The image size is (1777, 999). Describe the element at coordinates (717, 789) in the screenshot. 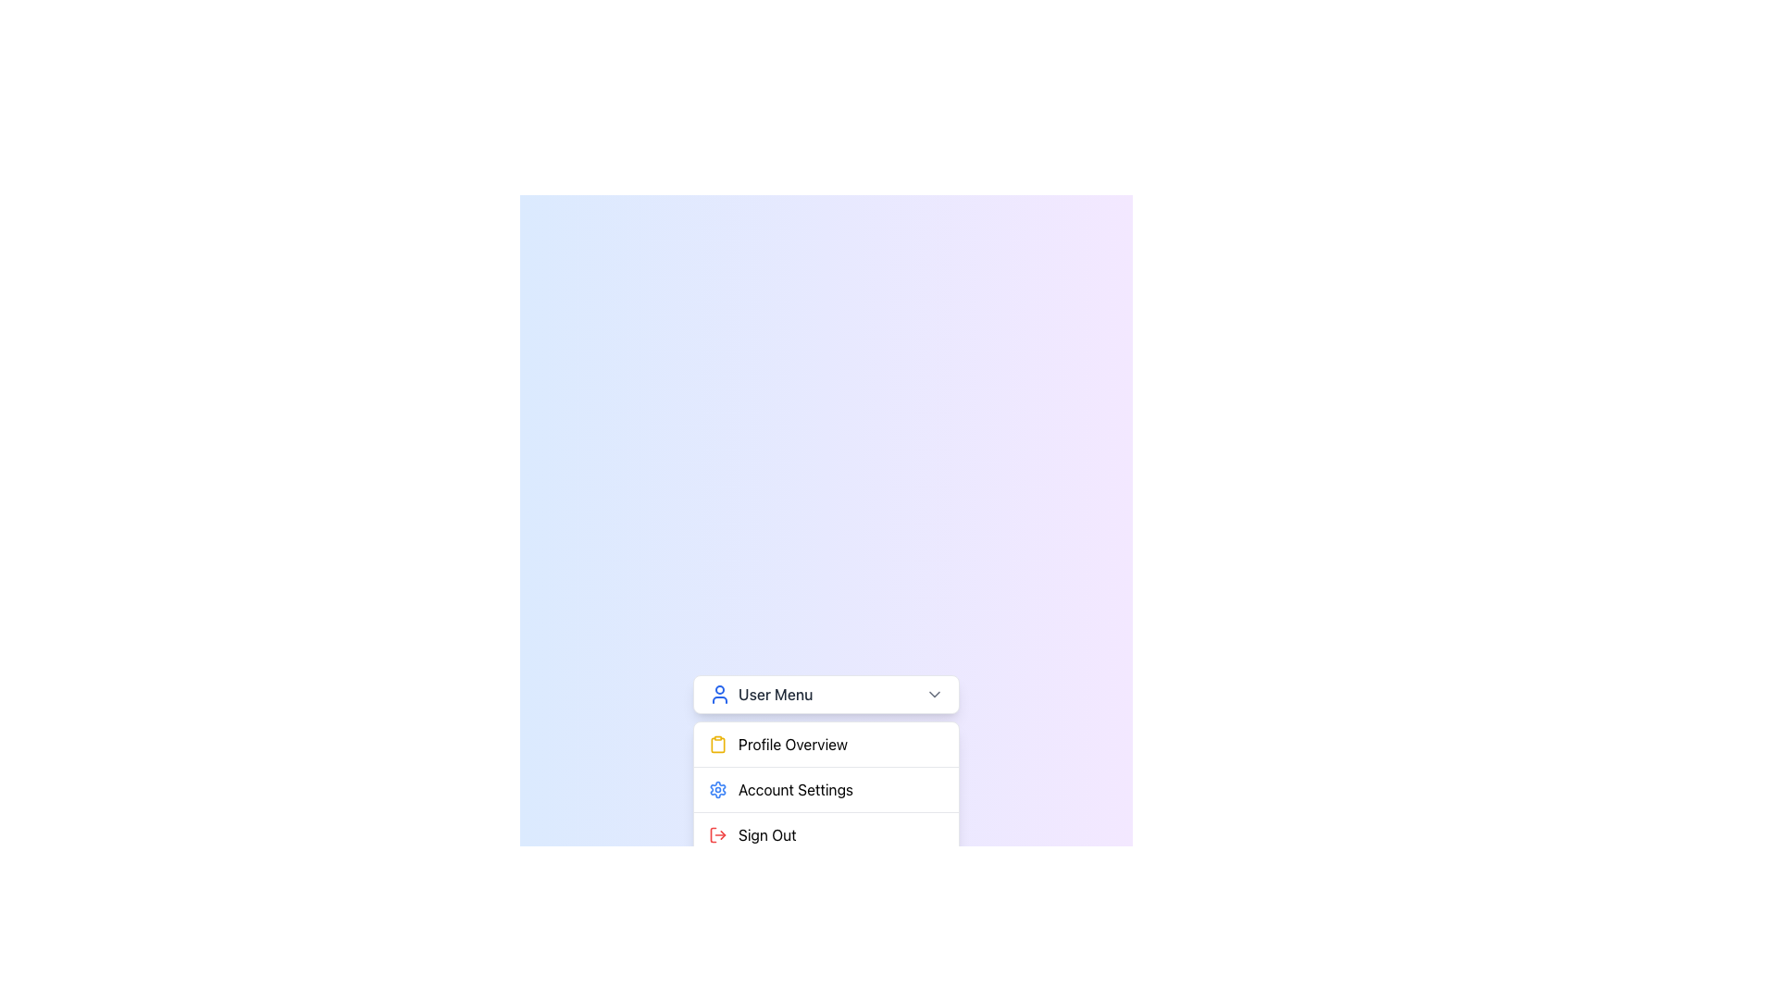

I see `the settings icon within the User Menu dropdown, which signifies customization options` at that location.